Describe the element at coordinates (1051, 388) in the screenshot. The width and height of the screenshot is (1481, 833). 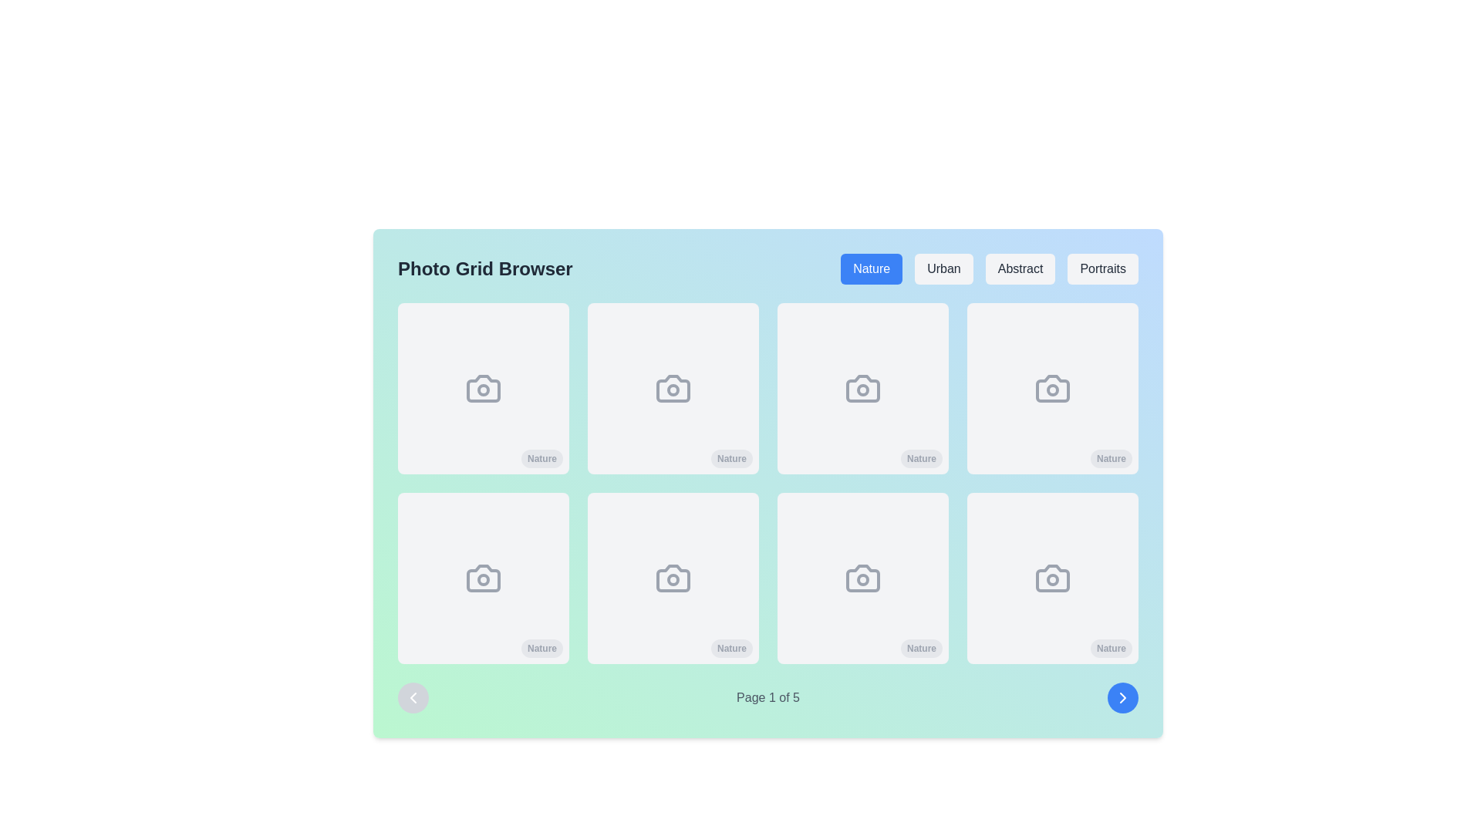
I see `camera icon located in the fourth cell of the topmost row in the grid layout by clicking on it` at that location.